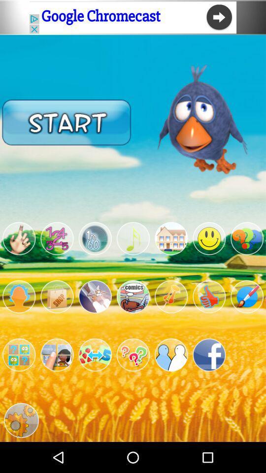 This screenshot has width=266, height=473. I want to click on option button, so click(95, 238).